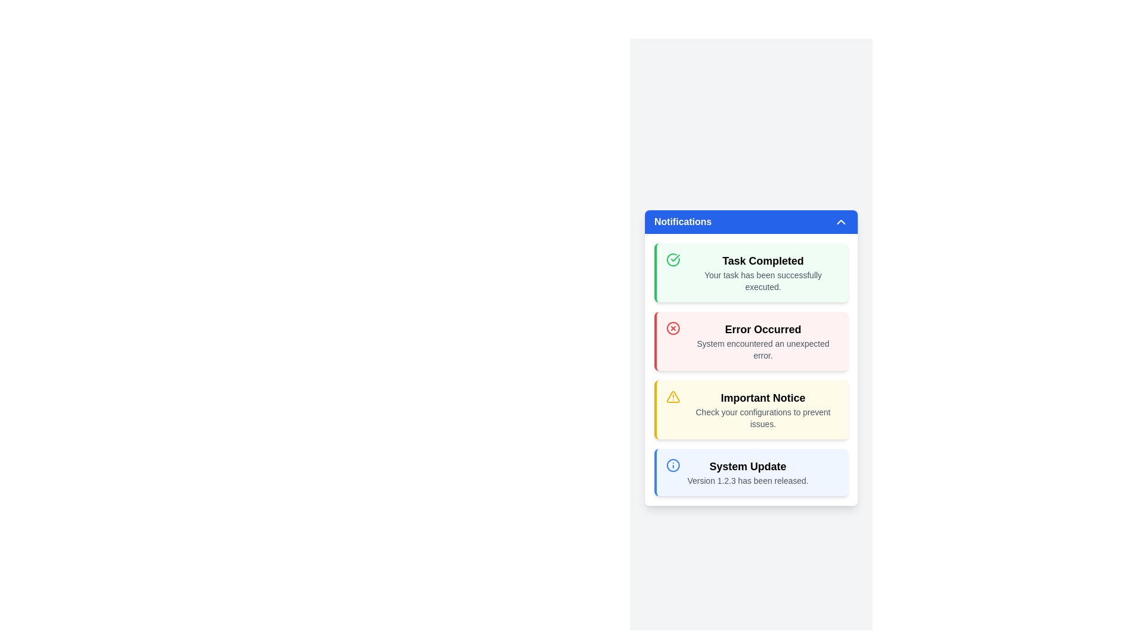 This screenshot has width=1135, height=638. I want to click on important message text from the third notification Text Block that is located below the 'Error Occurred' notification and above the 'System Update' notification, so click(763, 409).